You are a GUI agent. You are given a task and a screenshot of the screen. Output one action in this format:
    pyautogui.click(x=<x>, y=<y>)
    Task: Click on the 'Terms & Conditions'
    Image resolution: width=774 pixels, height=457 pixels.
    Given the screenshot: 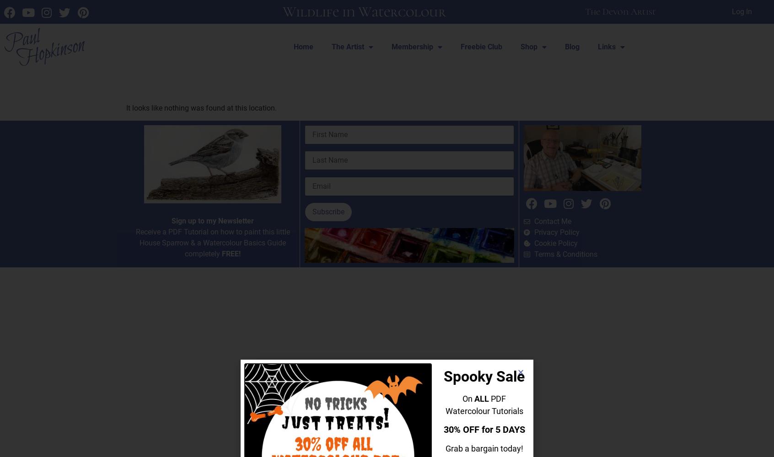 What is the action you would take?
    pyautogui.click(x=565, y=254)
    